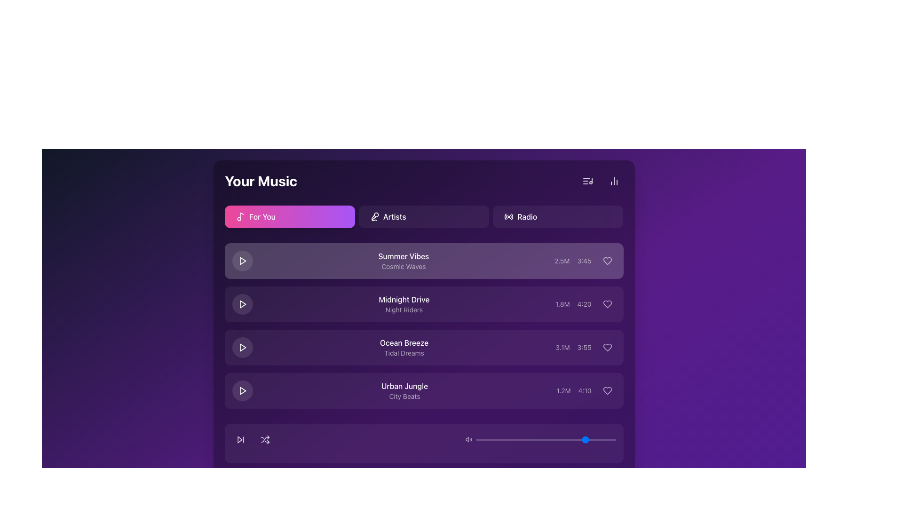  What do you see at coordinates (423, 217) in the screenshot?
I see `the second button in the horizontal row of buttons under the 'Your Music' header` at bounding box center [423, 217].